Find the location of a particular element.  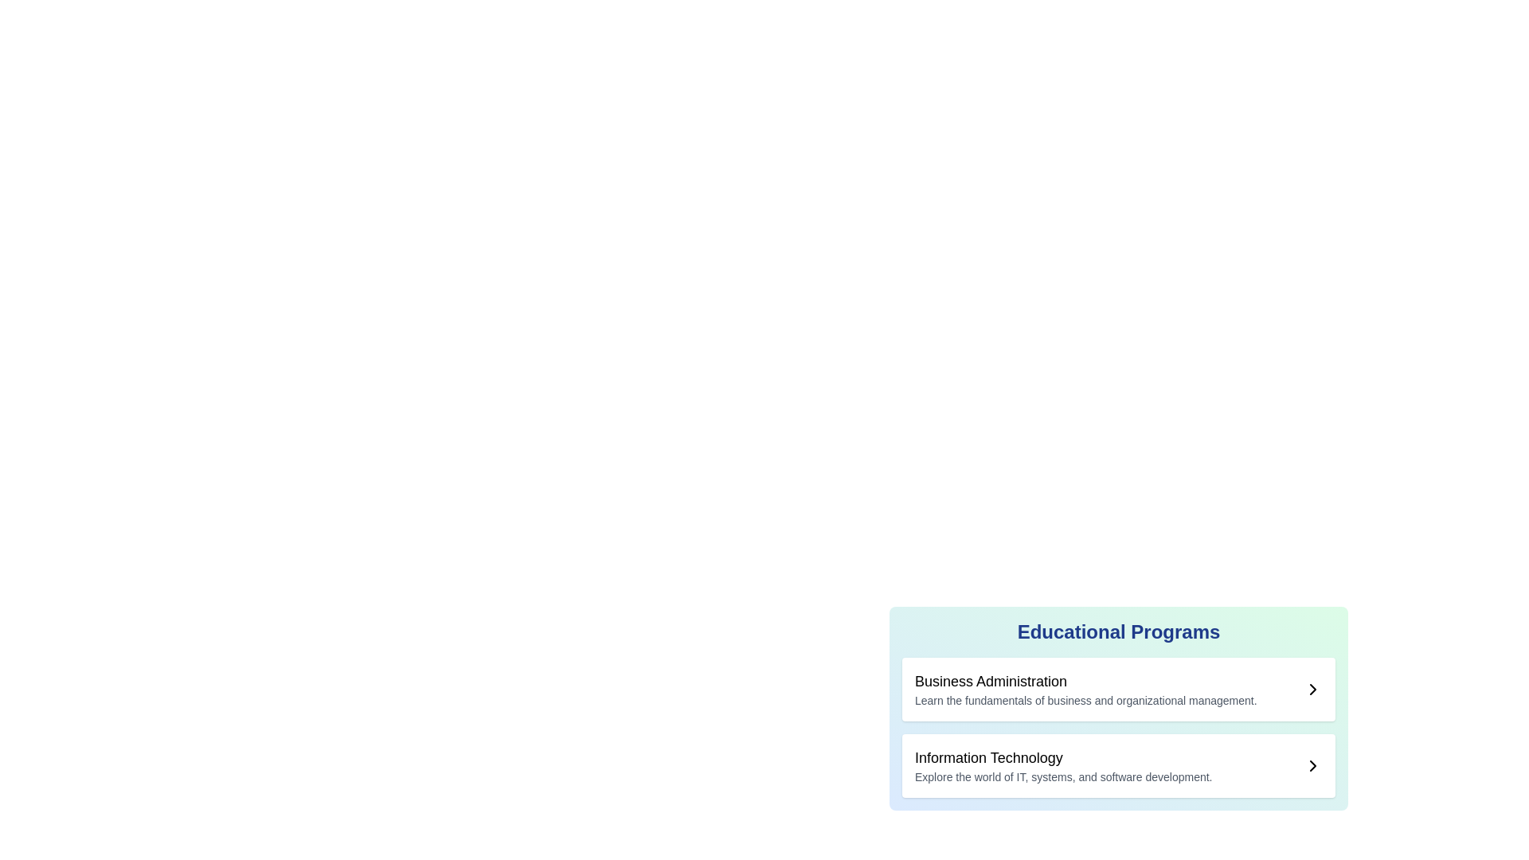

the text content providing a brief description for the 'Information Technology' educational program, located below the 'Information Technology' heading in the 'Educational Programs' section is located at coordinates (1063, 776).